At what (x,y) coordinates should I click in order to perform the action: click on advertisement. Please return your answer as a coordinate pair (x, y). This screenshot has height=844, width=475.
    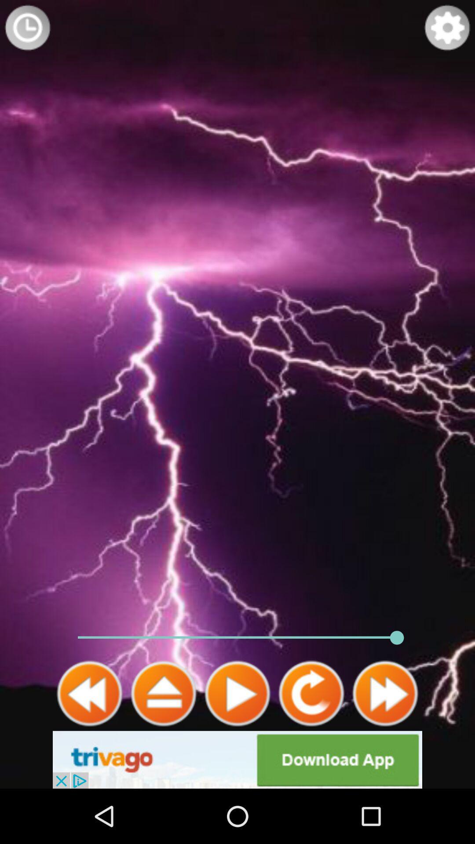
    Looking at the image, I should click on (237, 759).